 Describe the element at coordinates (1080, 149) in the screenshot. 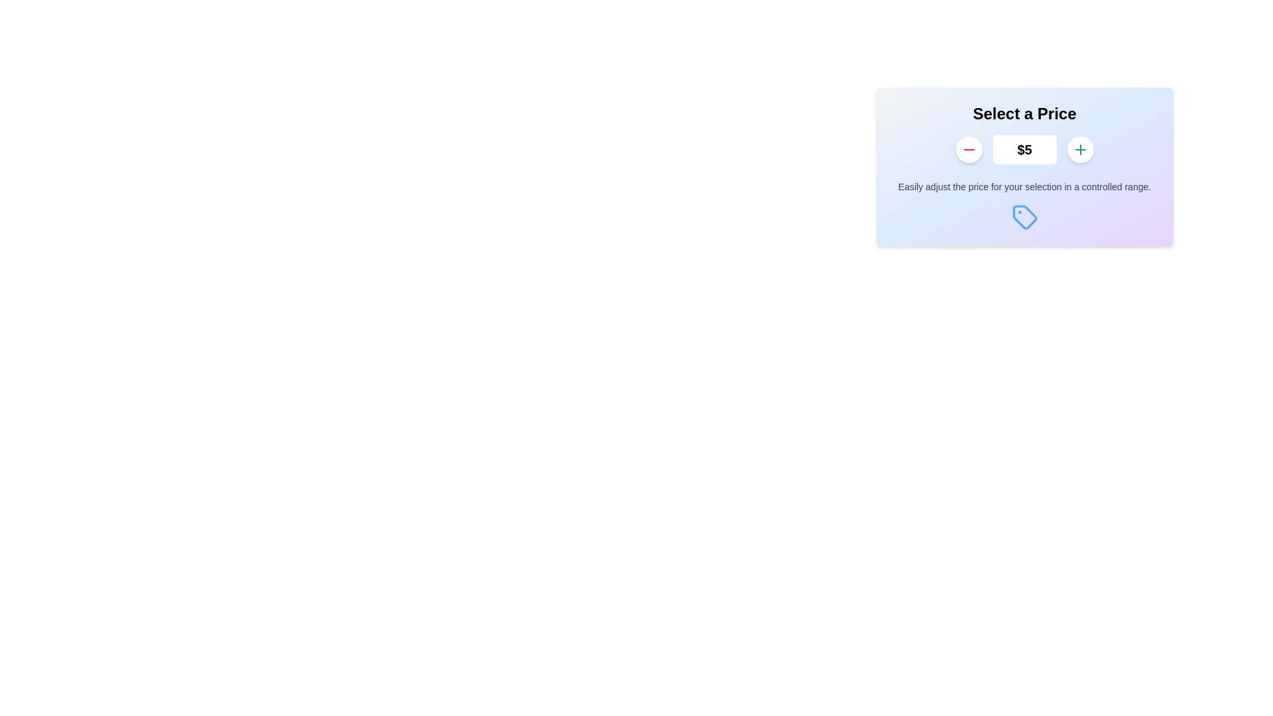

I see `the circular button with an icon located to the right of the white rectangular box displaying the value '$5' to increase the price value` at that location.